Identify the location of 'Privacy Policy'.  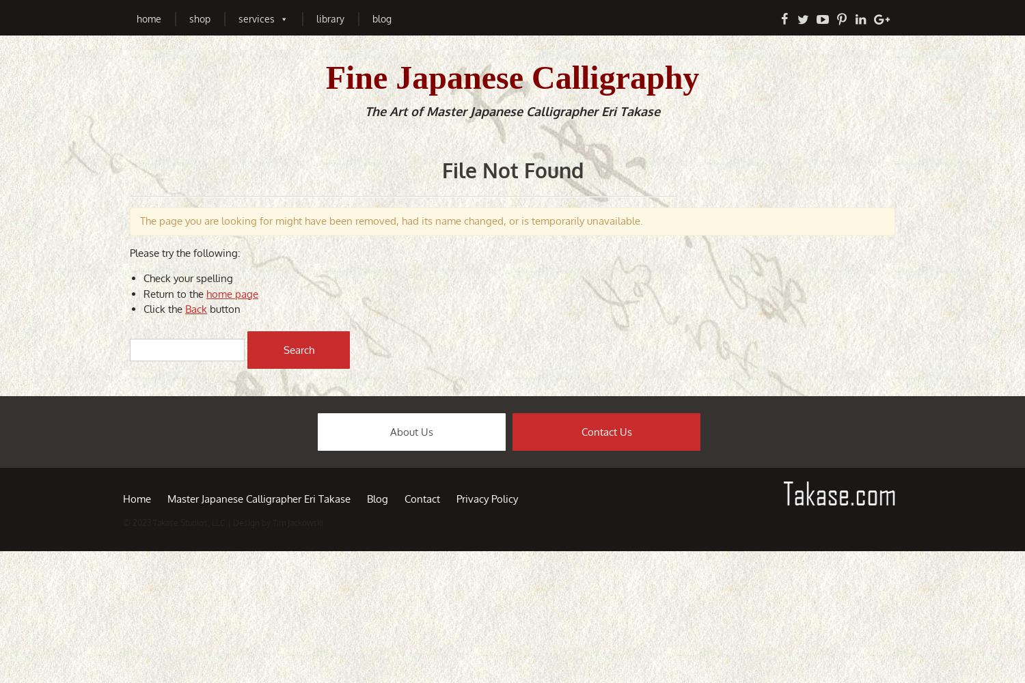
(486, 497).